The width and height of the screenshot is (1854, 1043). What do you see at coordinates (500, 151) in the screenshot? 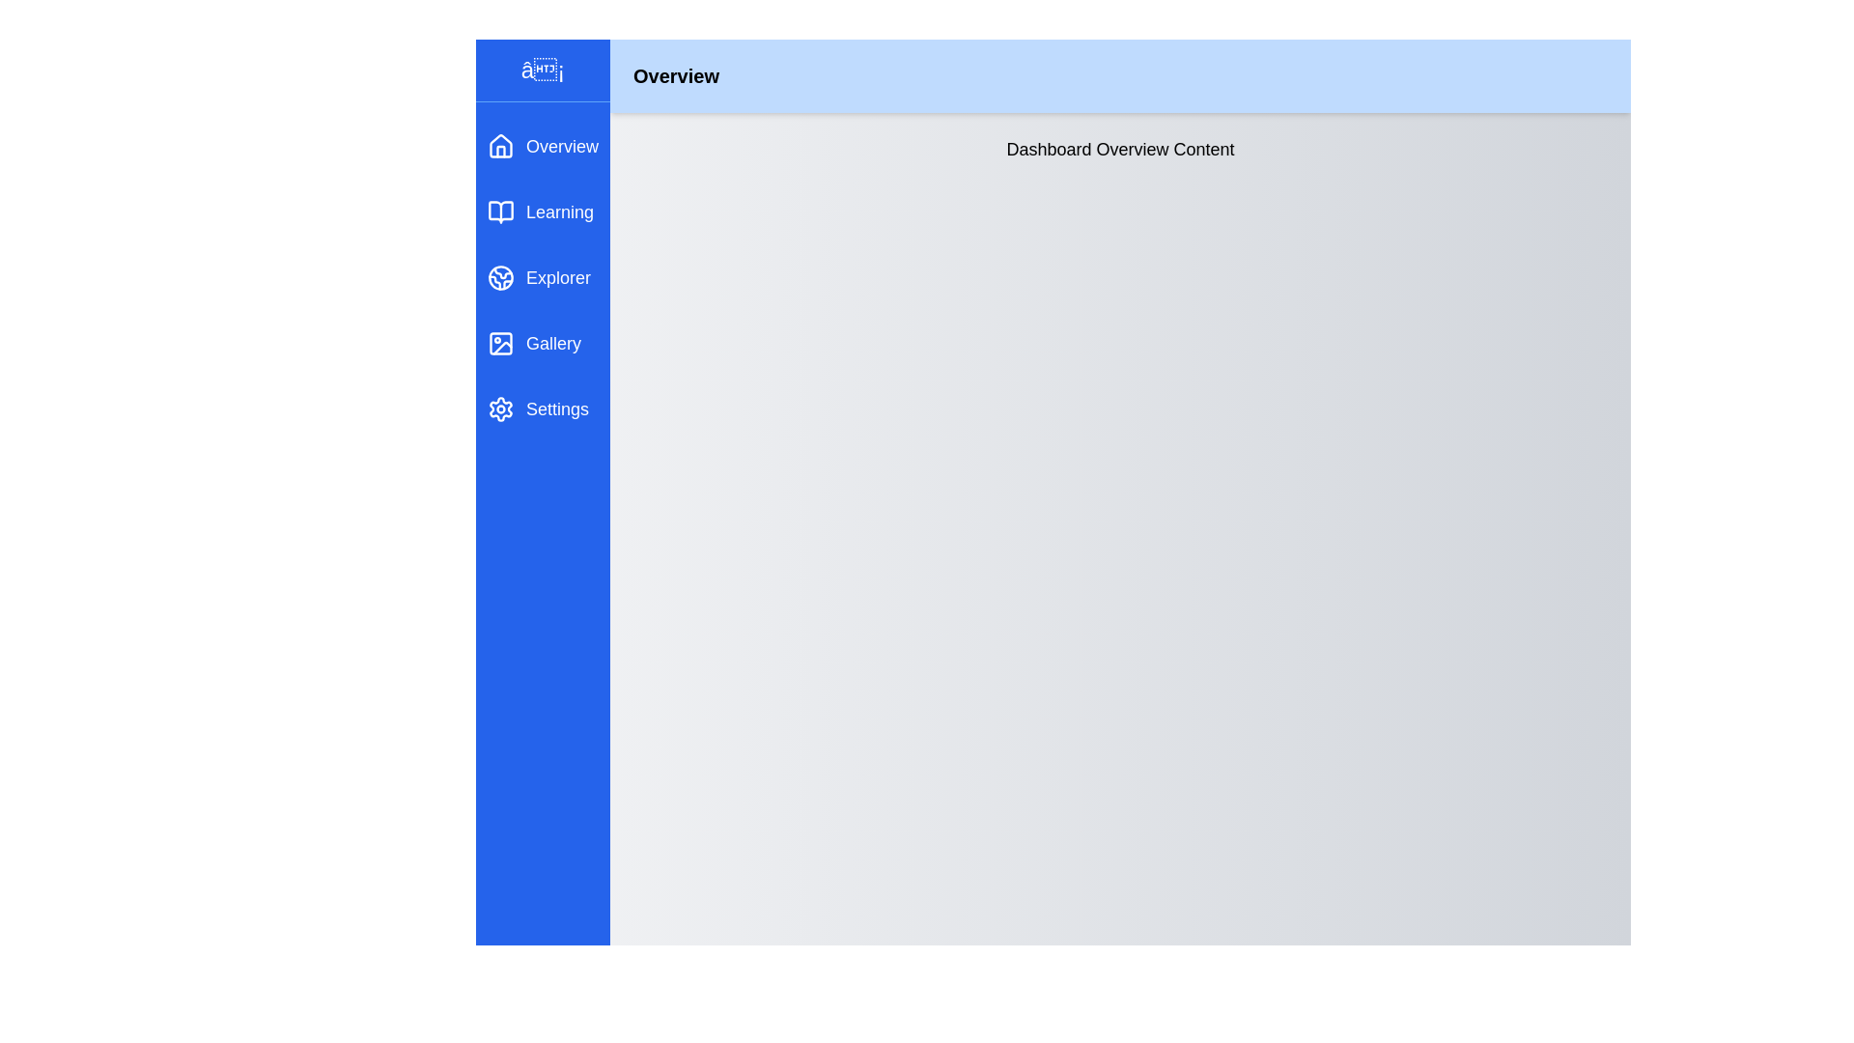
I see `the vertical line part of the house-like icon located in the topmost icon group of the vertical side navigation bar` at bounding box center [500, 151].